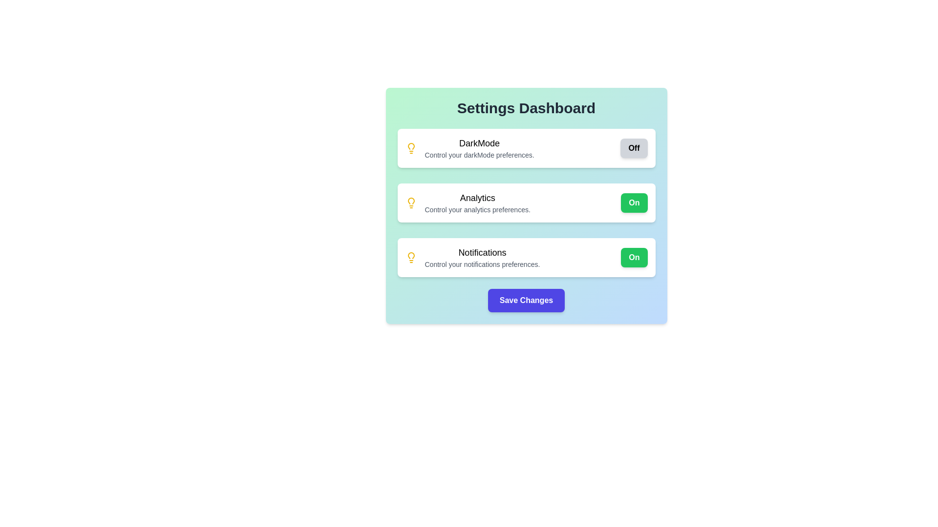 The height and width of the screenshot is (527, 938). I want to click on the 'DarkMode' toggle button to change its state, so click(634, 148).